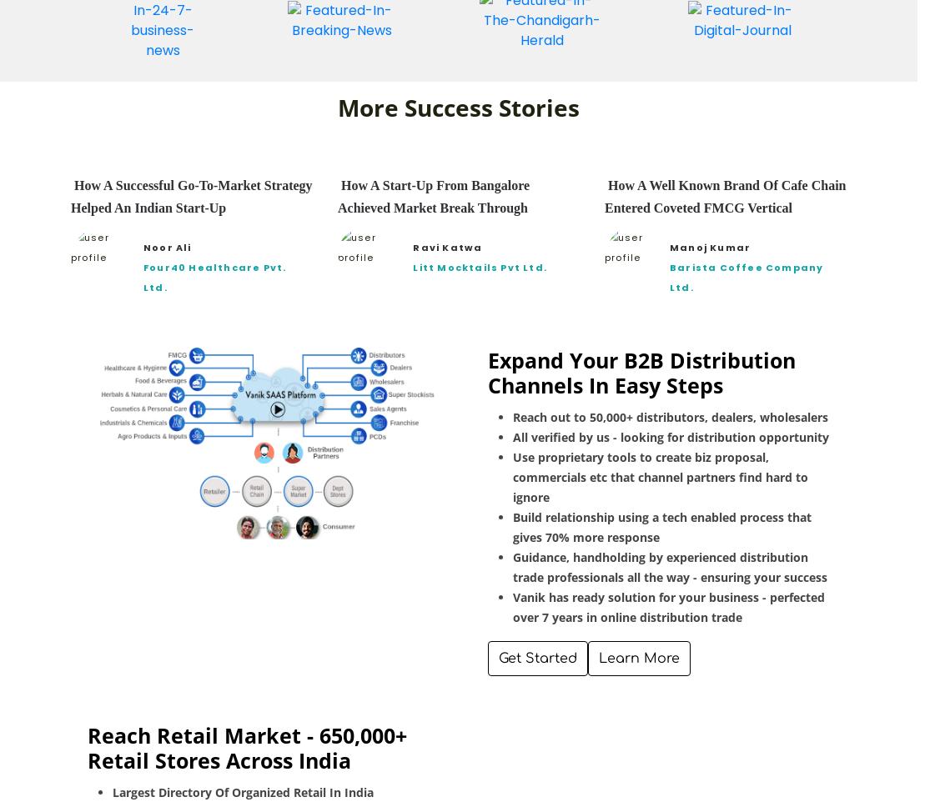 This screenshot has height=807, width=930. What do you see at coordinates (639, 657) in the screenshot?
I see `'Learn More'` at bounding box center [639, 657].